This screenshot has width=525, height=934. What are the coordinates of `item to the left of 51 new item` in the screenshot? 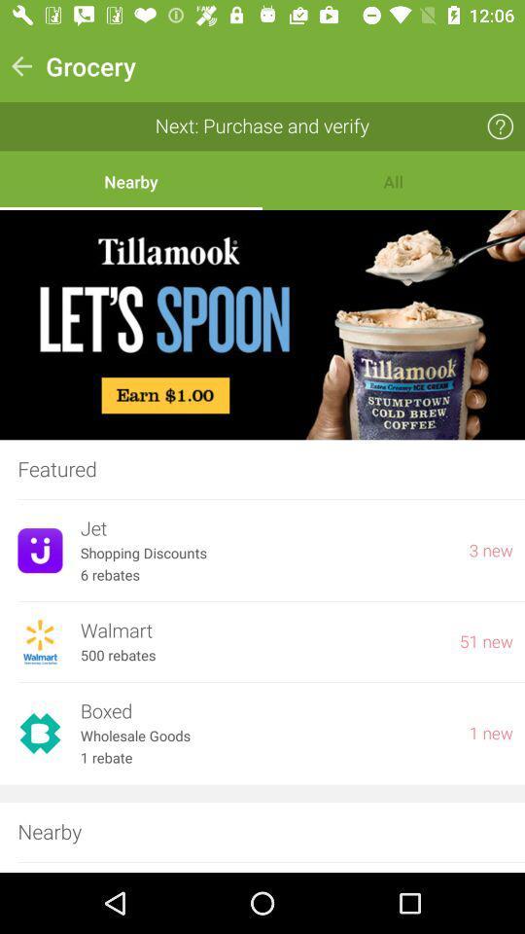 It's located at (118, 656).